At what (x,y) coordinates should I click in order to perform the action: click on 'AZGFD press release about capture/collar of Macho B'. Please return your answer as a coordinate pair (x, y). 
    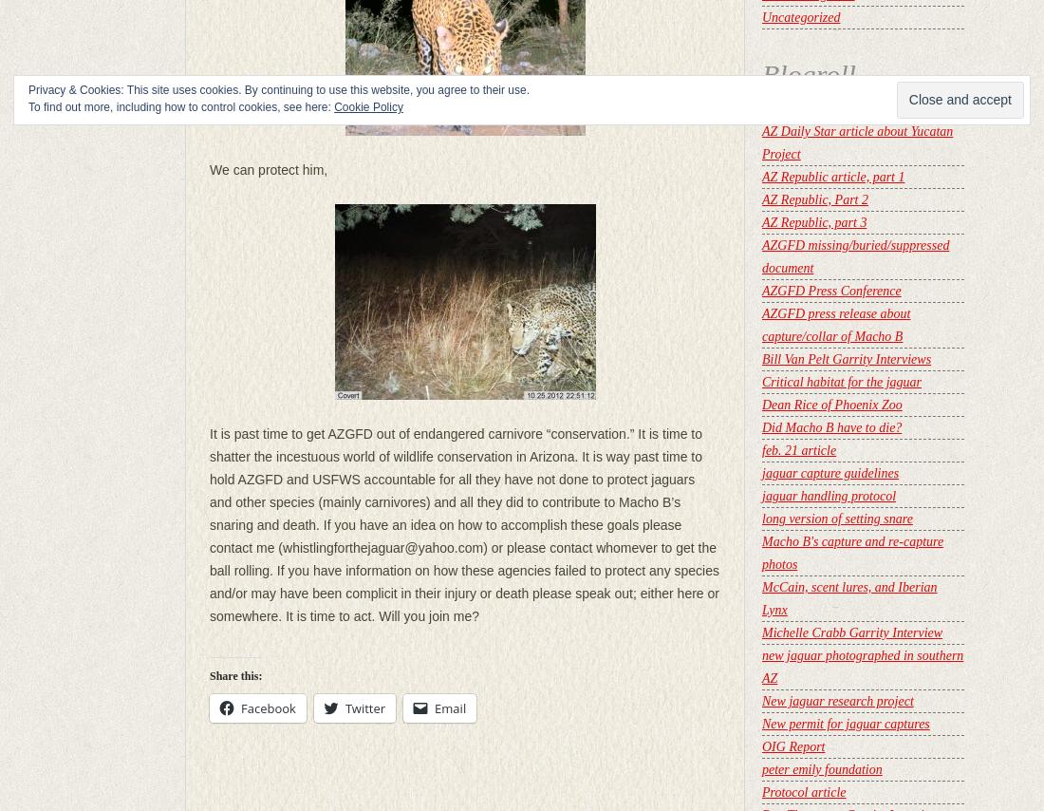
    Looking at the image, I should click on (834, 325).